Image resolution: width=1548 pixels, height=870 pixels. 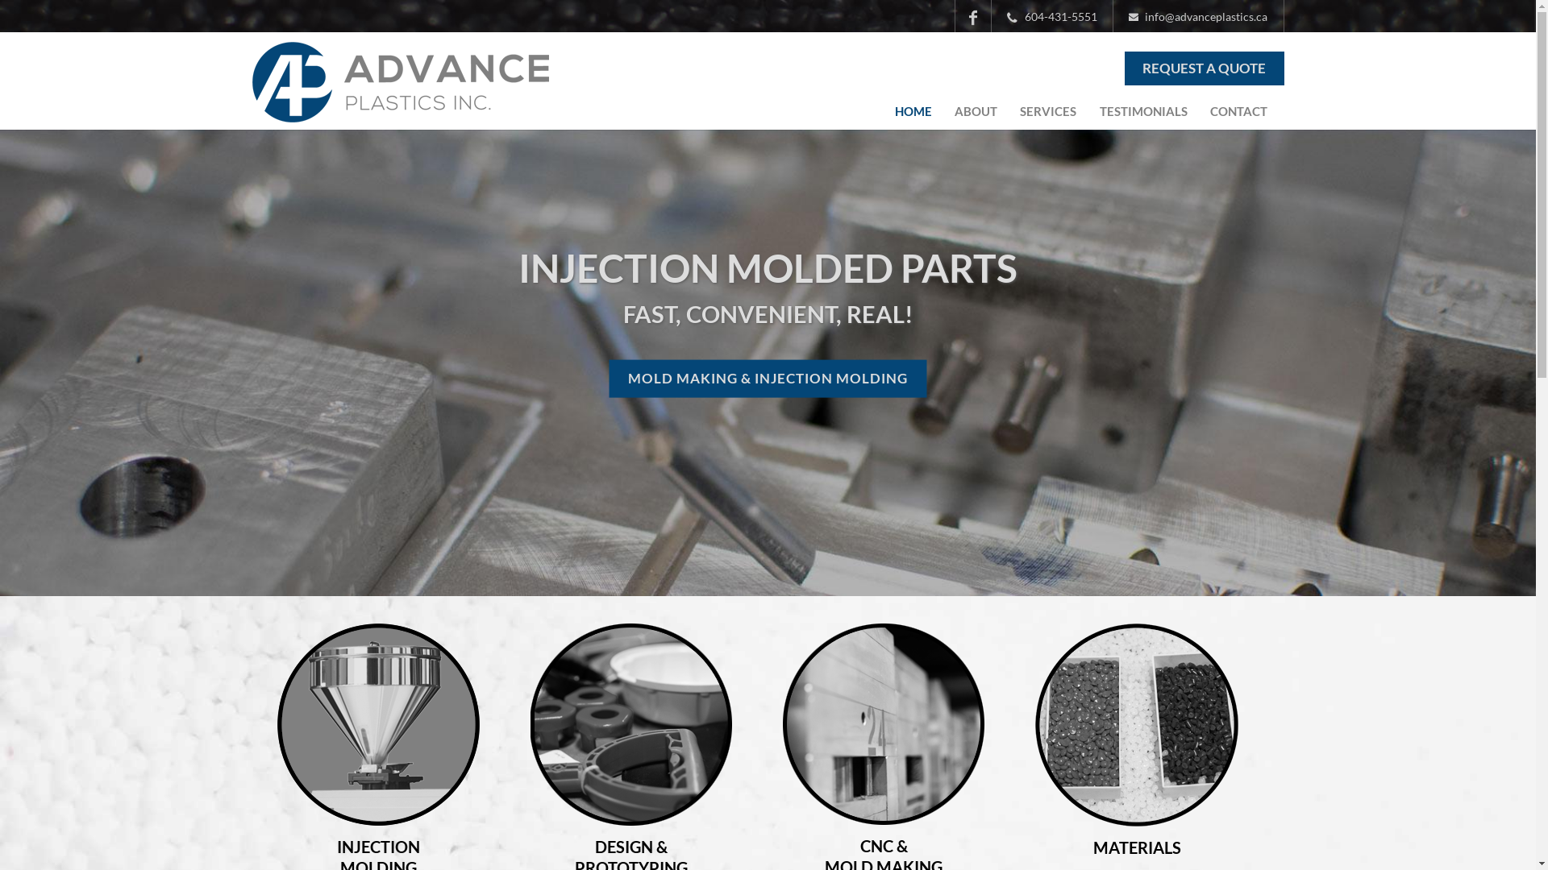 What do you see at coordinates (1142, 110) in the screenshot?
I see `'TESTIMONIALS'` at bounding box center [1142, 110].